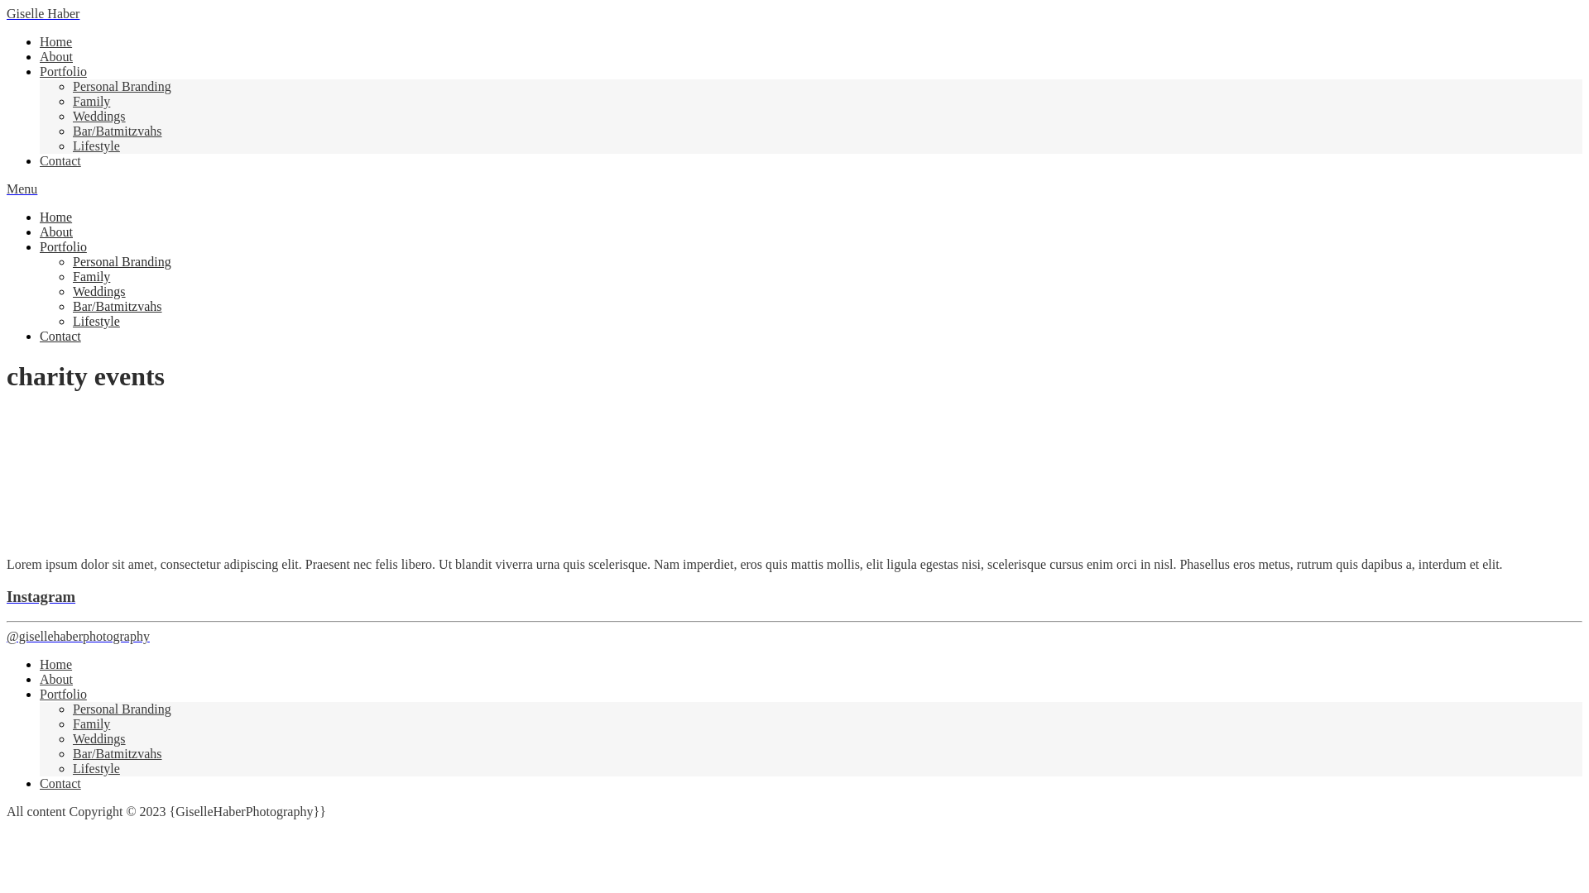 The width and height of the screenshot is (1589, 893). Describe the element at coordinates (121, 86) in the screenshot. I see `'Personal Branding'` at that location.